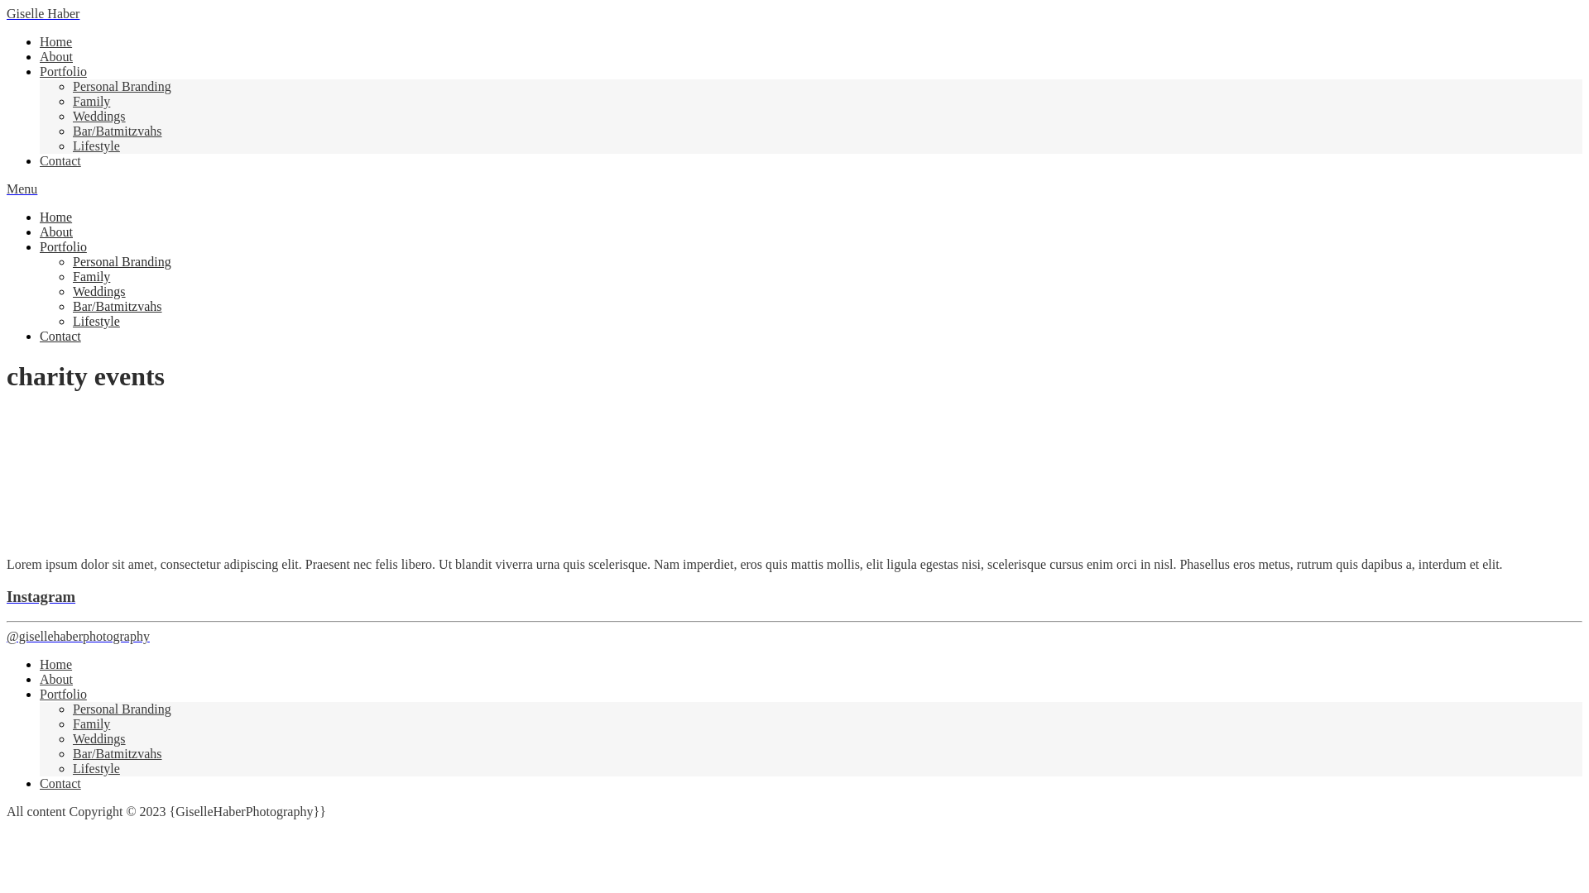 The width and height of the screenshot is (1589, 893). Describe the element at coordinates (121, 86) in the screenshot. I see `'Personal Branding'` at that location.